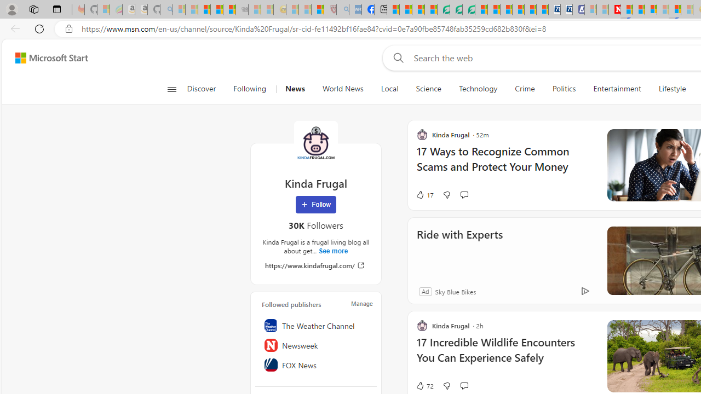  Describe the element at coordinates (342, 89) in the screenshot. I see `'World News'` at that location.